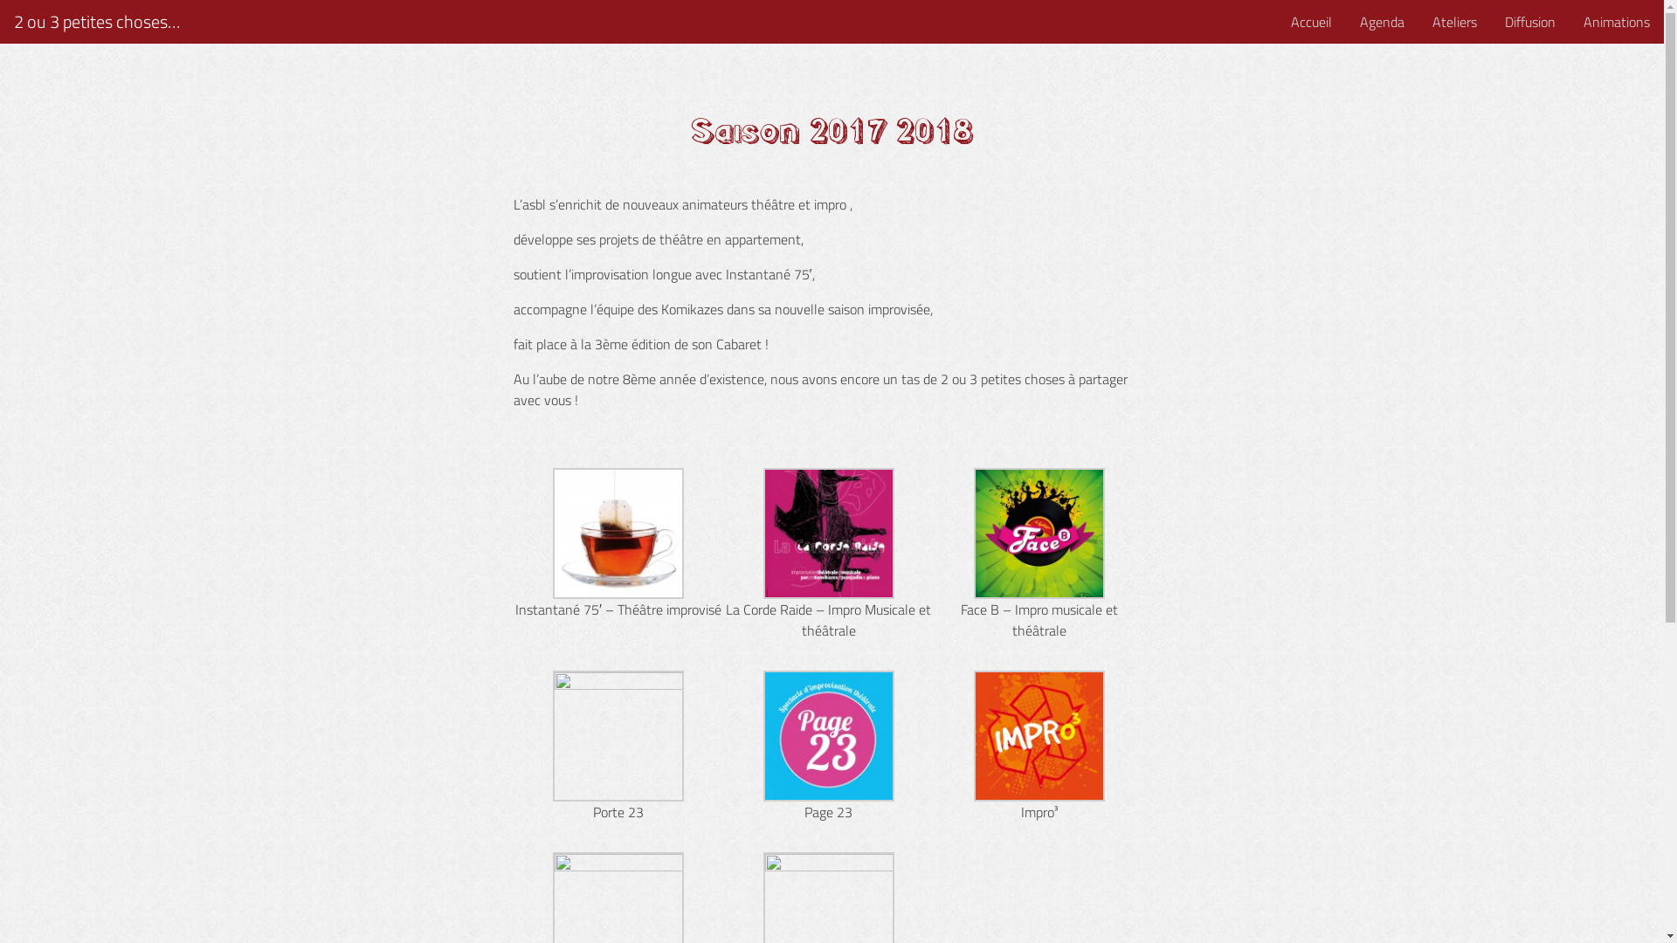 The width and height of the screenshot is (1677, 943). What do you see at coordinates (1381, 21) in the screenshot?
I see `'Agenda'` at bounding box center [1381, 21].